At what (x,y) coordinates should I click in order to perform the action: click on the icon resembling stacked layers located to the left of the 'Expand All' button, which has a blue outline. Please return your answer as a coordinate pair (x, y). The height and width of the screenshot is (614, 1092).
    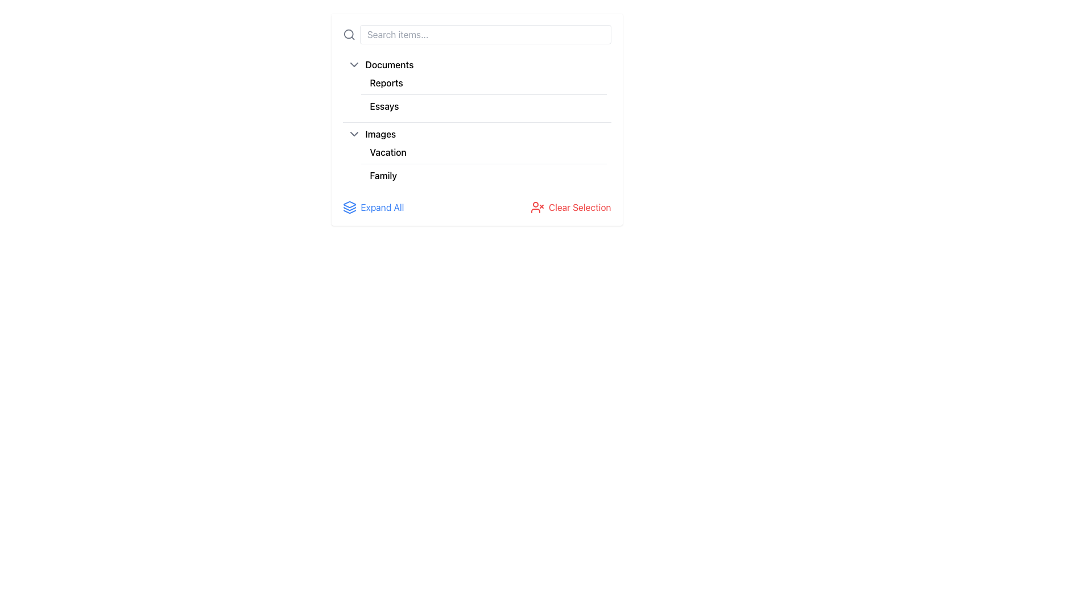
    Looking at the image, I should click on (349, 208).